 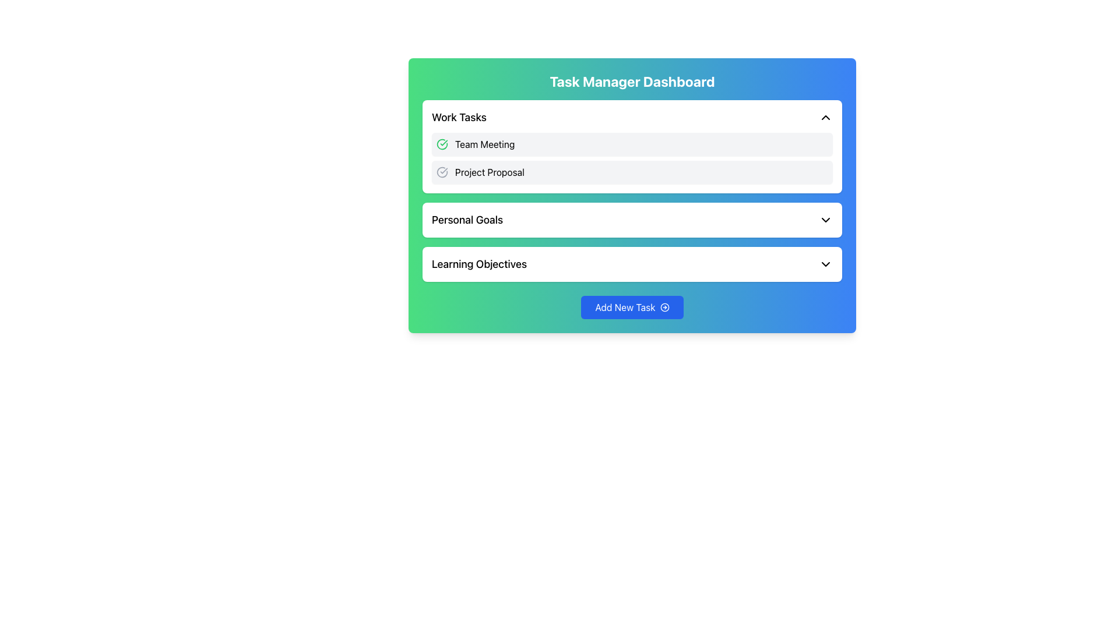 What do you see at coordinates (441, 172) in the screenshot?
I see `the status indicator icon for the 'Project Proposal' task, which is the first icon on the left in the second row under the 'Work Tasks' section of the dashboard` at bounding box center [441, 172].